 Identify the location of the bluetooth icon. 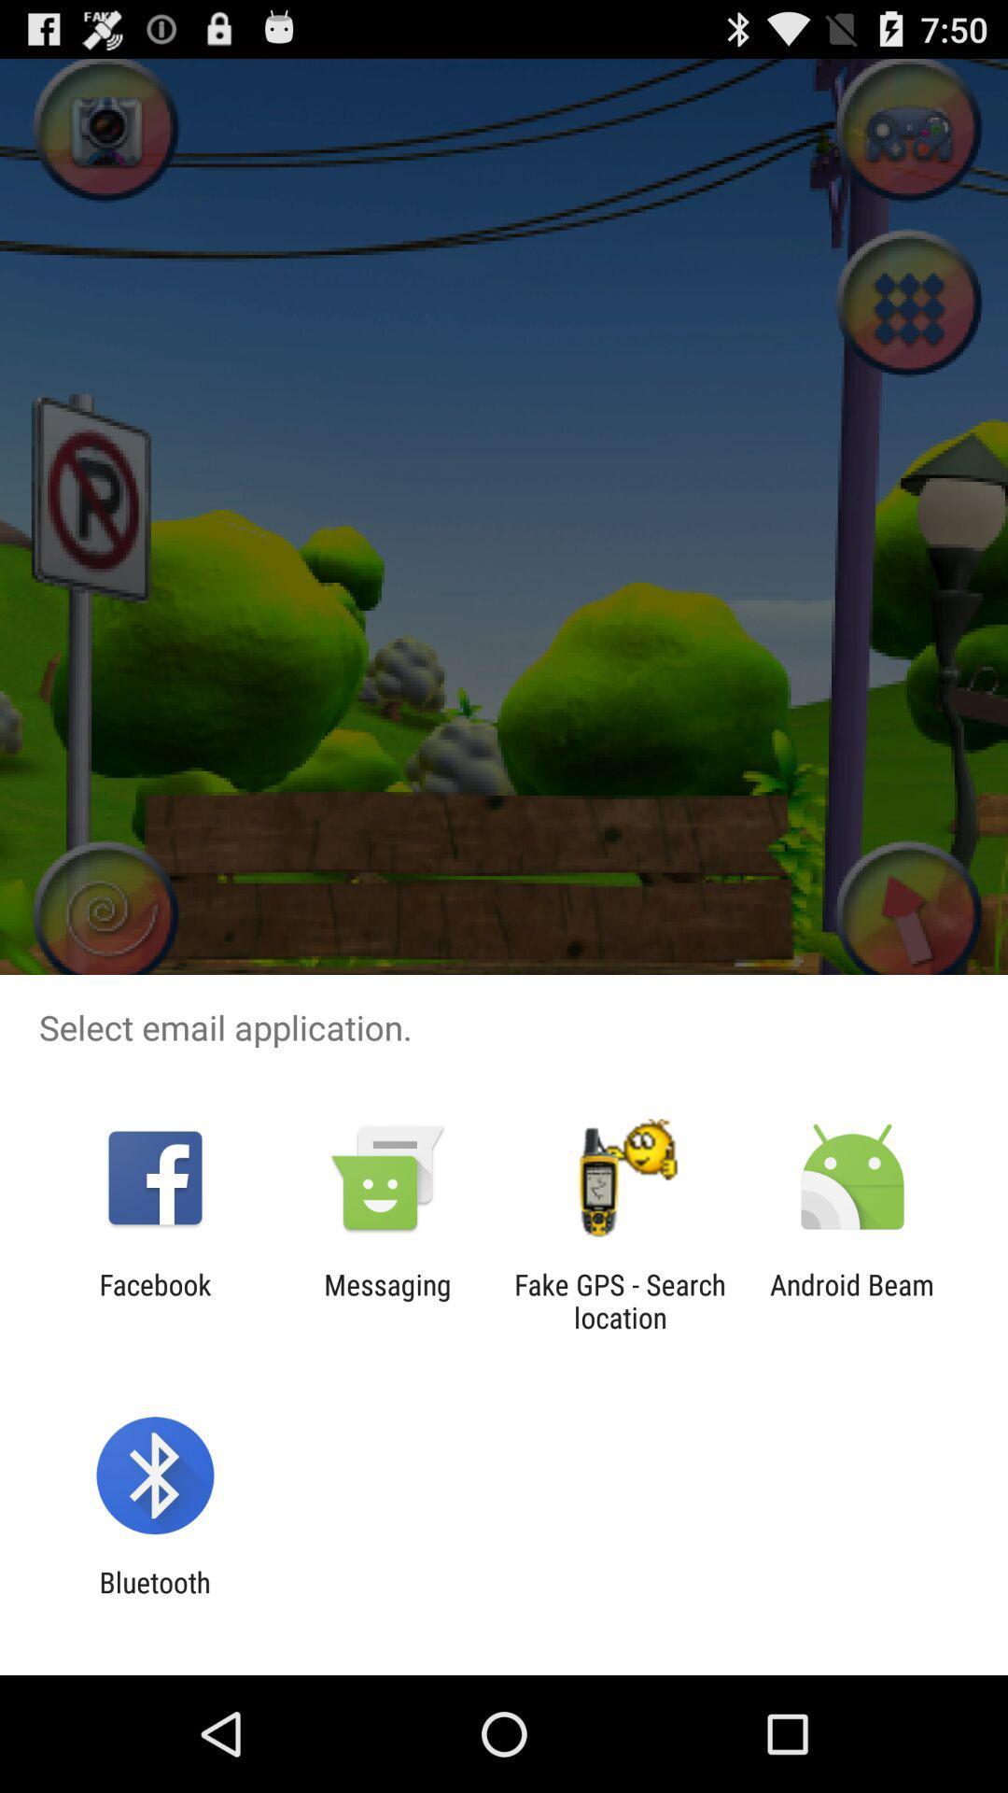
(154, 1598).